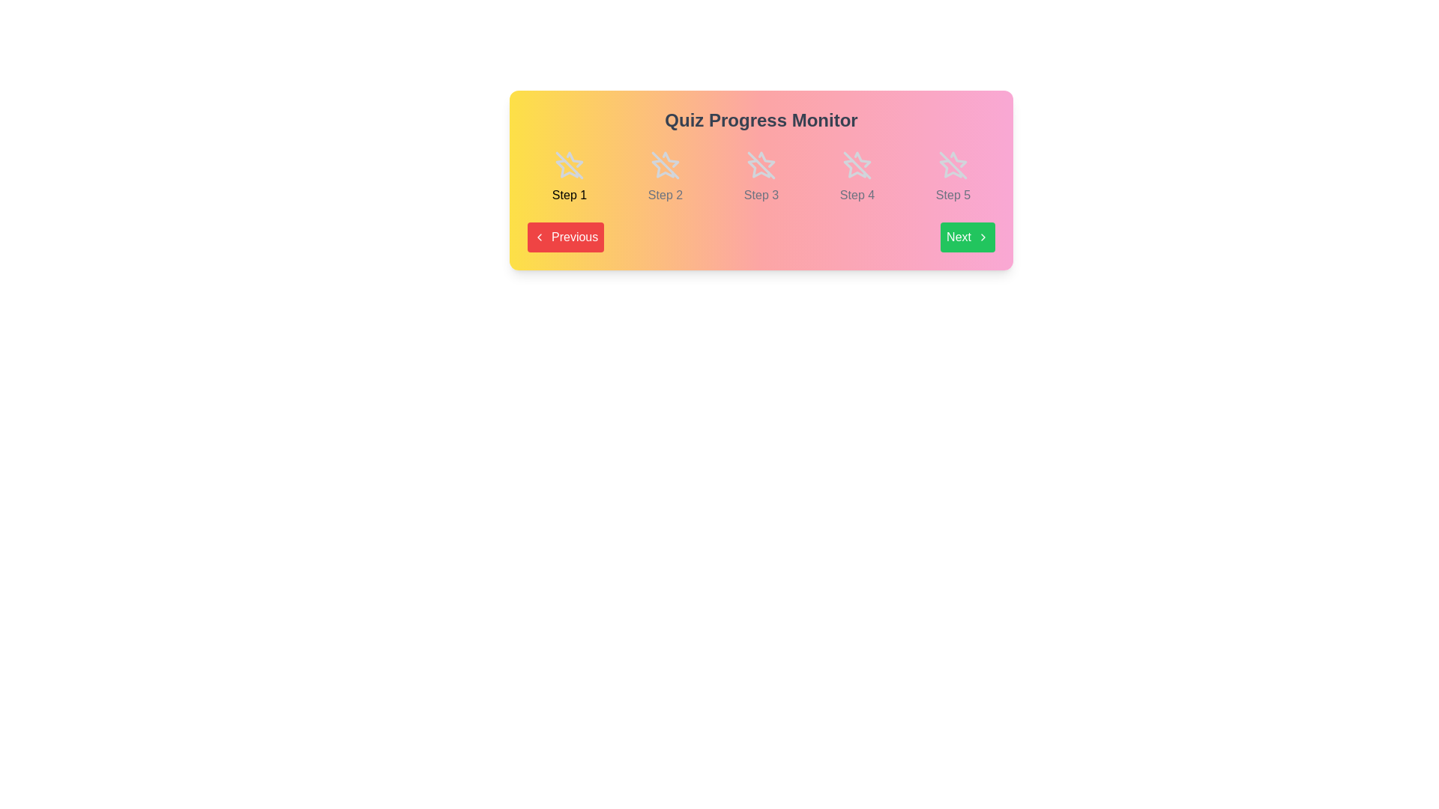  What do you see at coordinates (953, 176) in the screenshot?
I see `the fifth step in the Quiz Progress Monitor, which visually indicates the inactive state of this step in the multi-step process` at bounding box center [953, 176].